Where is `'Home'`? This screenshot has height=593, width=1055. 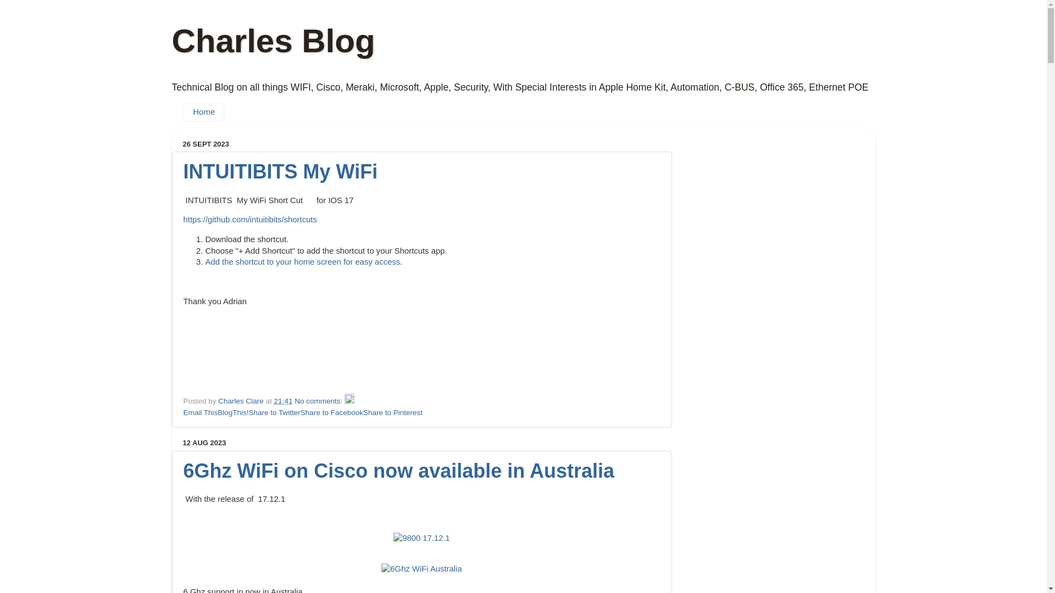 'Home' is located at coordinates (182, 112).